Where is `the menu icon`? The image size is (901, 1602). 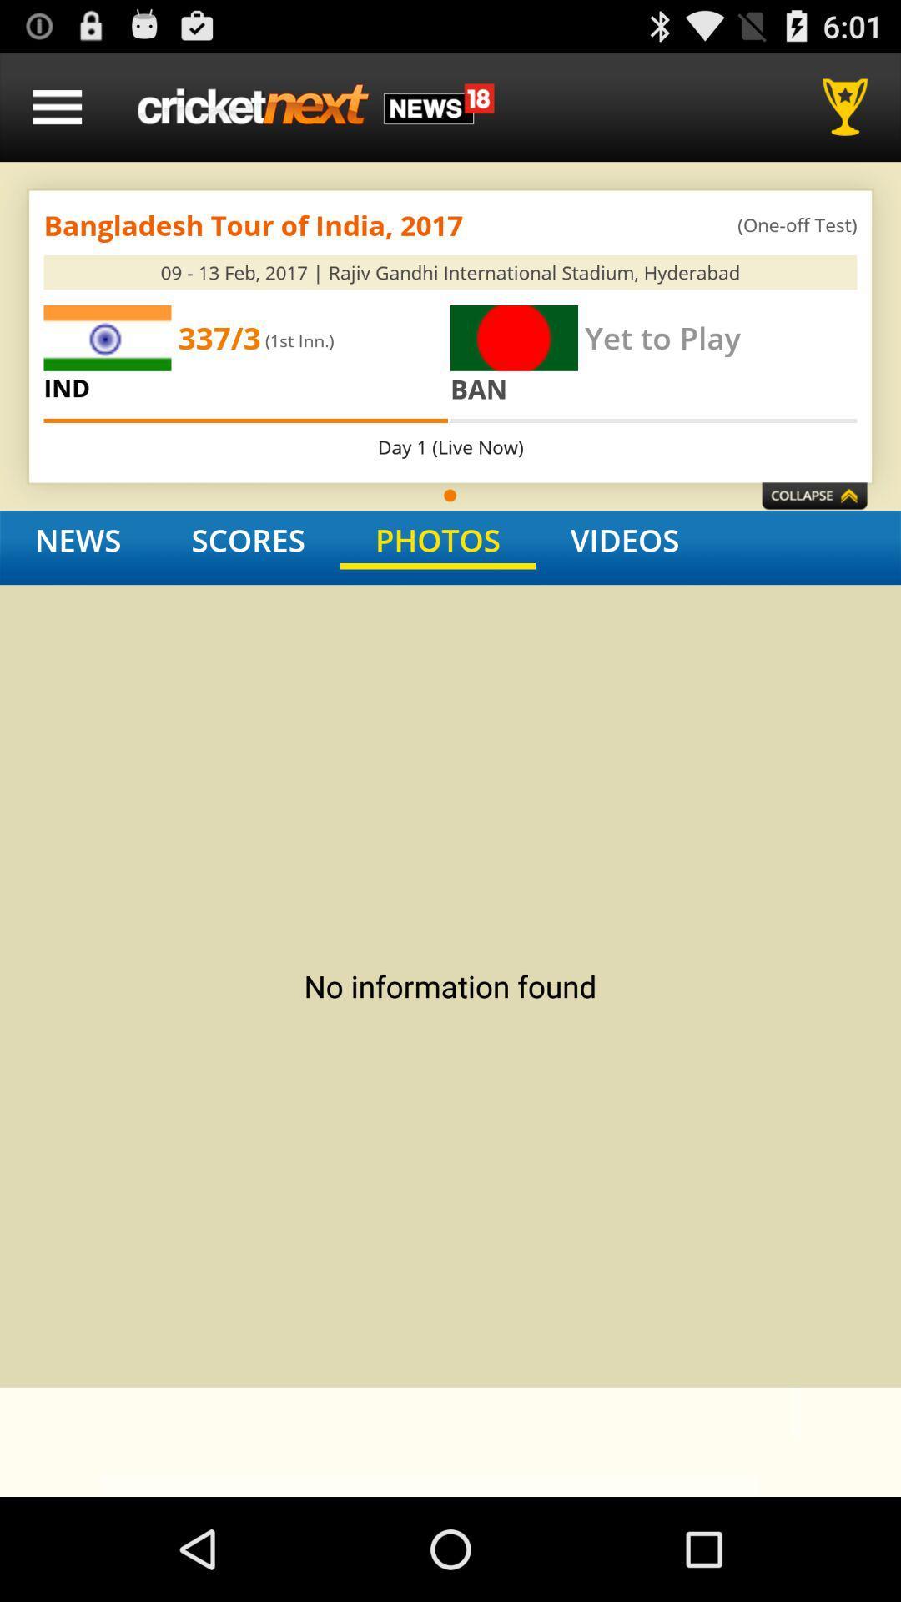 the menu icon is located at coordinates (57, 113).